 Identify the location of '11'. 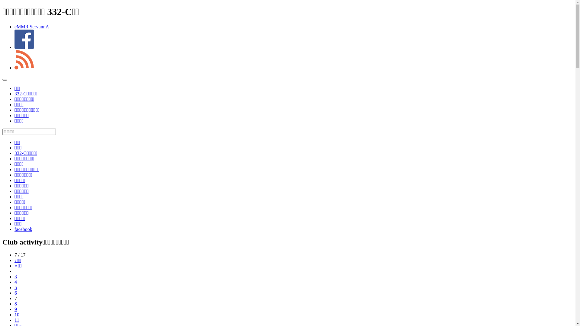
(17, 320).